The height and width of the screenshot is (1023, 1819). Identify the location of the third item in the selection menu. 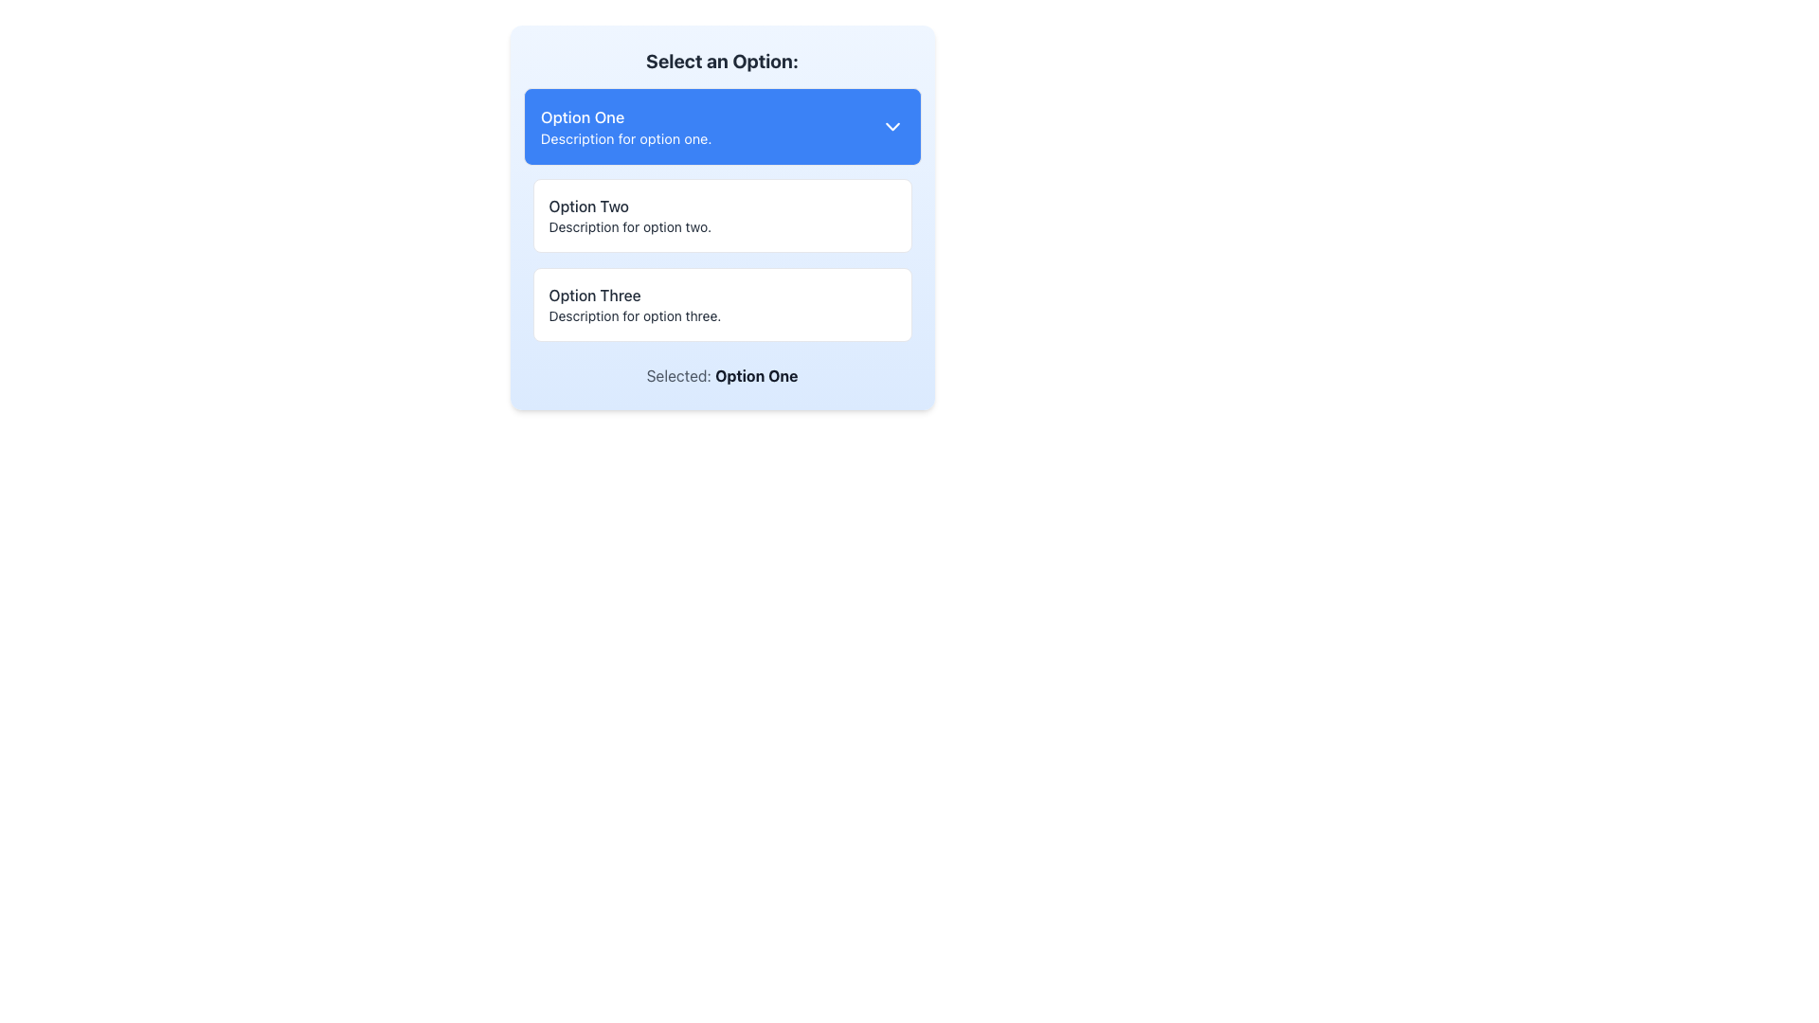
(721, 303).